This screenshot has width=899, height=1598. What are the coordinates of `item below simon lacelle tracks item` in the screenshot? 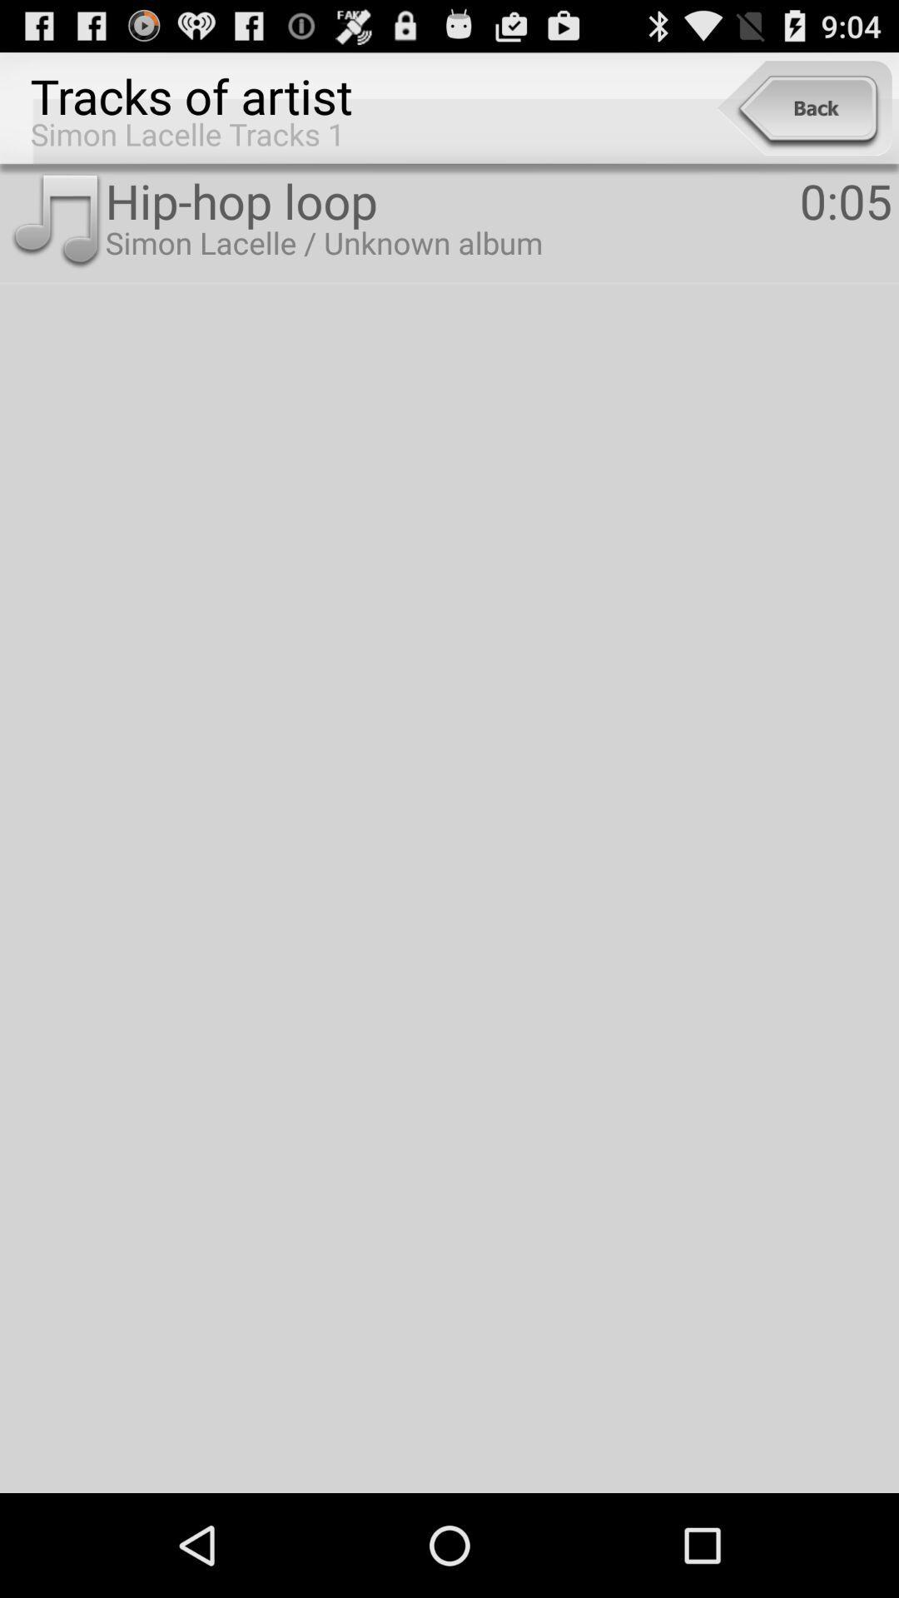 It's located at (55, 221).